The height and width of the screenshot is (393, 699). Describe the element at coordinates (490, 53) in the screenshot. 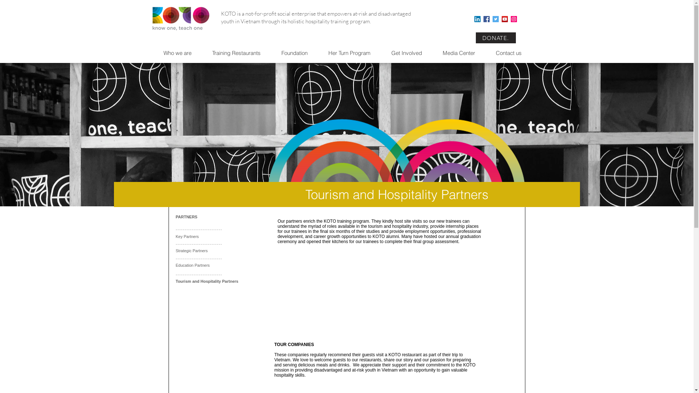

I see `'Contact us'` at that location.